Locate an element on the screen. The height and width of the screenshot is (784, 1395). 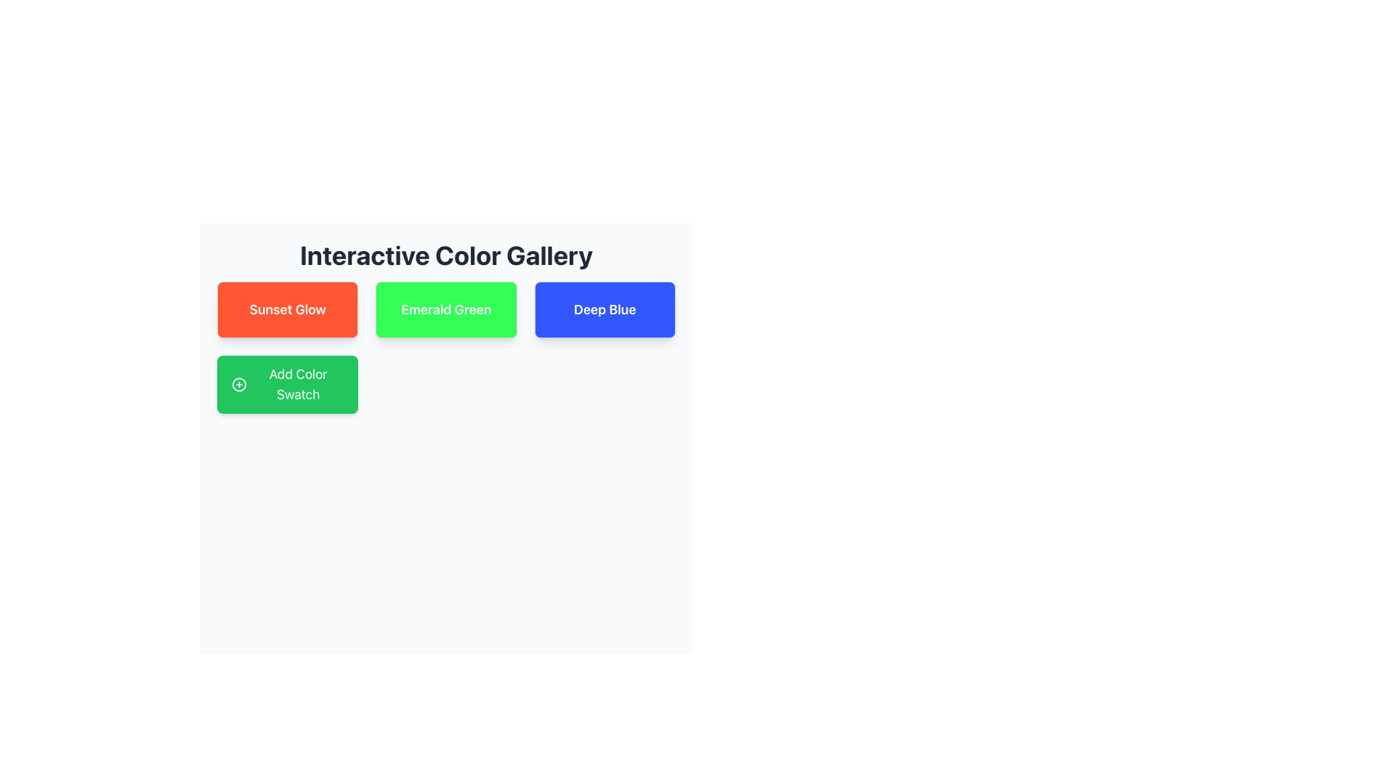
the text content of the 'Emerald Green' color swatch label, which is centrally placed within a rounded rectangle in the middle of the color swatch row is located at coordinates (445, 309).